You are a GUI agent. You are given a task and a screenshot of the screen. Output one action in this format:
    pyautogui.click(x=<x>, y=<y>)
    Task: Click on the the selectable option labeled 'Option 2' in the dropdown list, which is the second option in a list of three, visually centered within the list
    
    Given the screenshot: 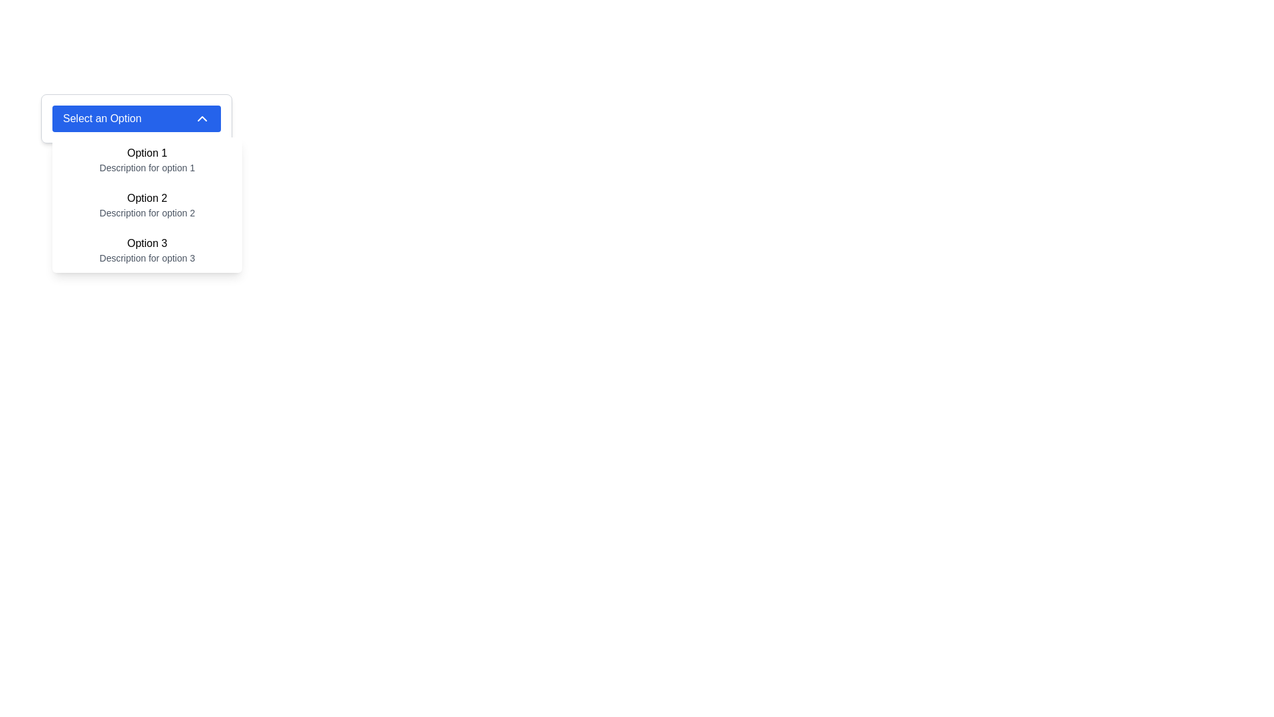 What is the action you would take?
    pyautogui.click(x=147, y=199)
    